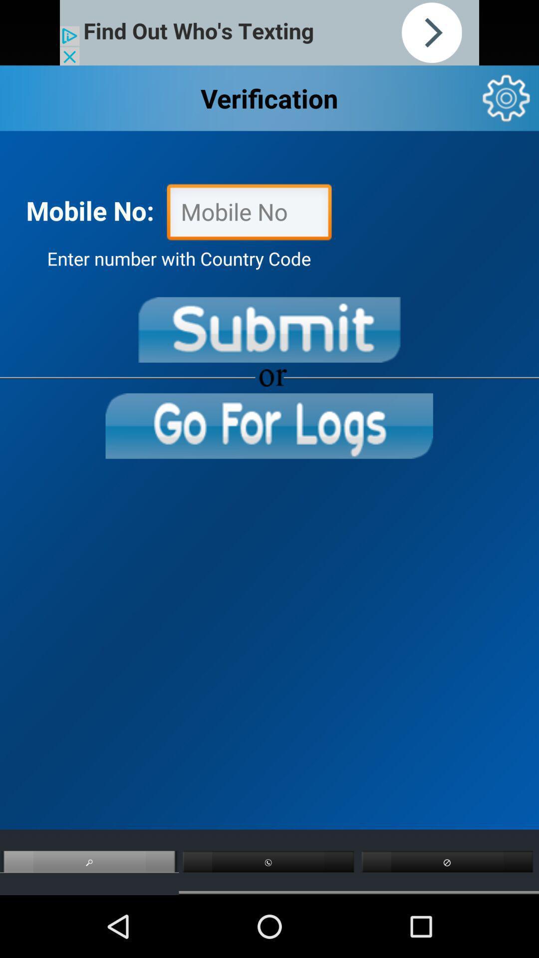 This screenshot has height=958, width=539. Describe the element at coordinates (249, 214) in the screenshot. I see `mobile number` at that location.